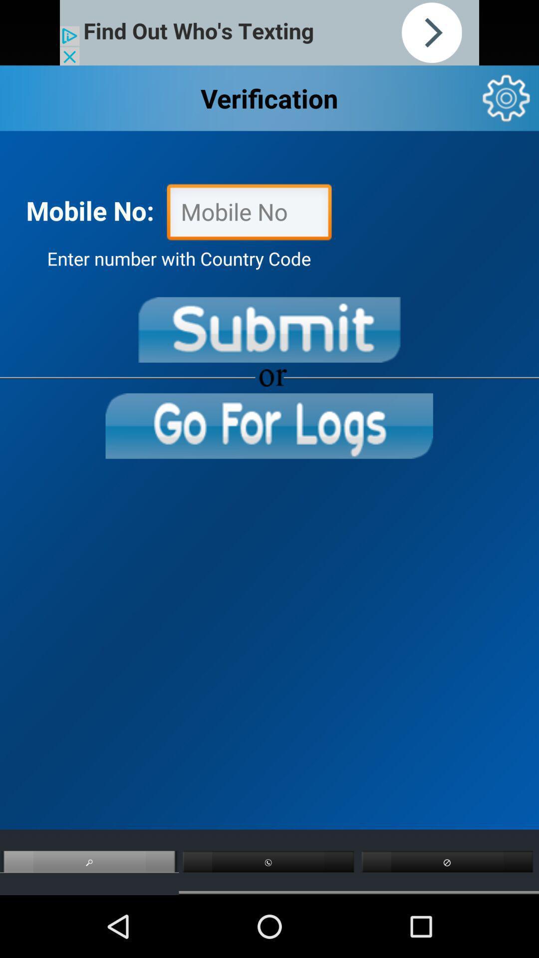 This screenshot has height=958, width=539. Describe the element at coordinates (249, 214) in the screenshot. I see `mobile number` at that location.